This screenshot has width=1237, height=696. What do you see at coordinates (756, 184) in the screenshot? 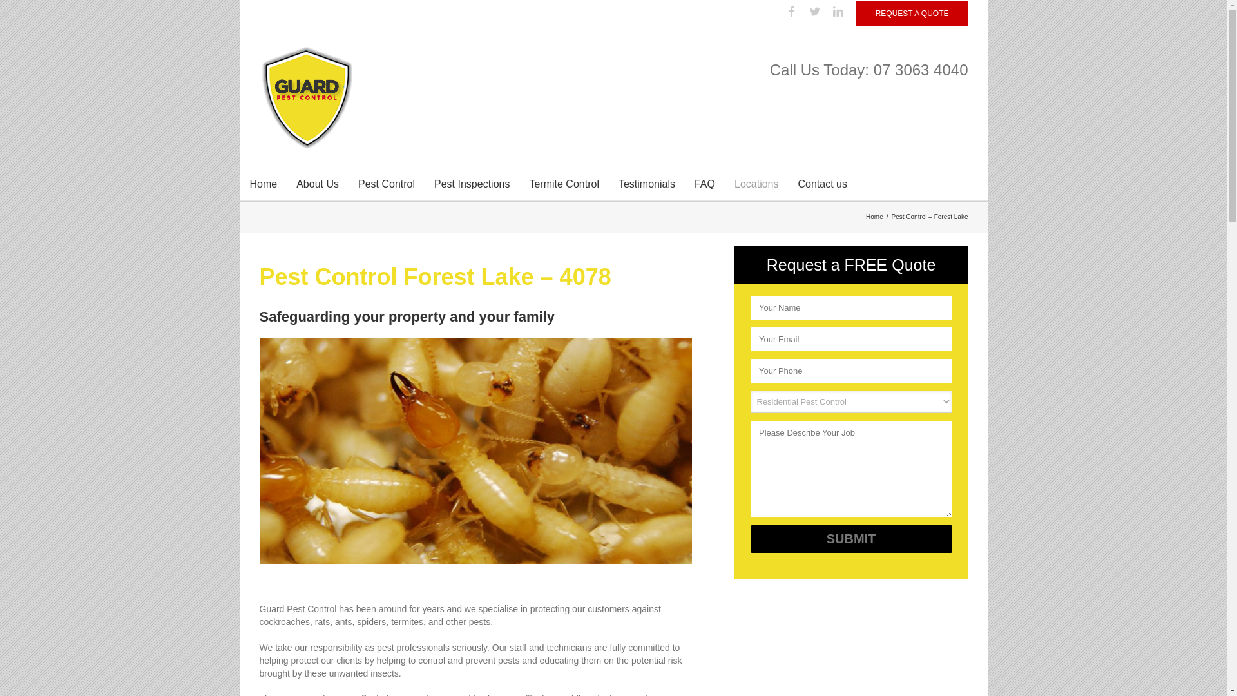
I see `'Locations'` at bounding box center [756, 184].